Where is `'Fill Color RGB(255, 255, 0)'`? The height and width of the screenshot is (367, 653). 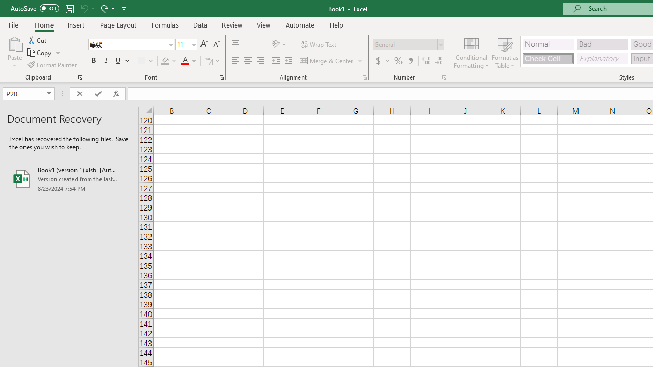 'Fill Color RGB(255, 255, 0)' is located at coordinates (165, 61).